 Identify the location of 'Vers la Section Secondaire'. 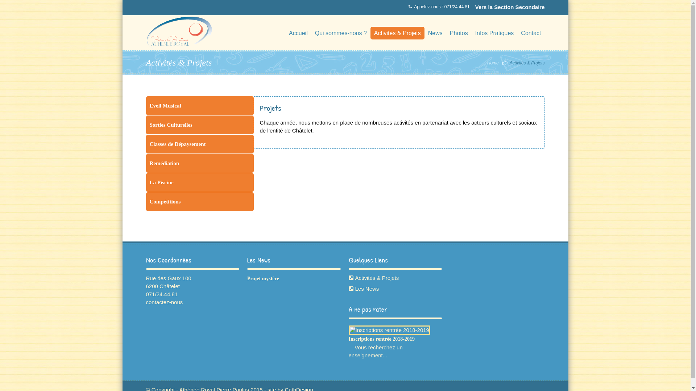
(509, 7).